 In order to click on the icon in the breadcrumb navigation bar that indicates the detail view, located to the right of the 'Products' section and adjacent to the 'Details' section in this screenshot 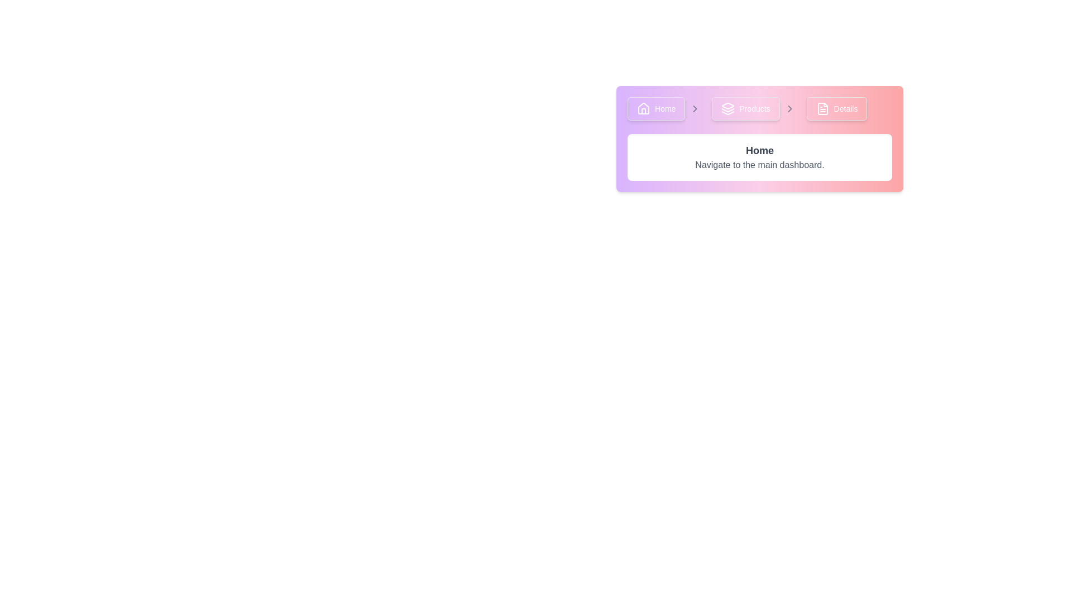, I will do `click(822, 109)`.